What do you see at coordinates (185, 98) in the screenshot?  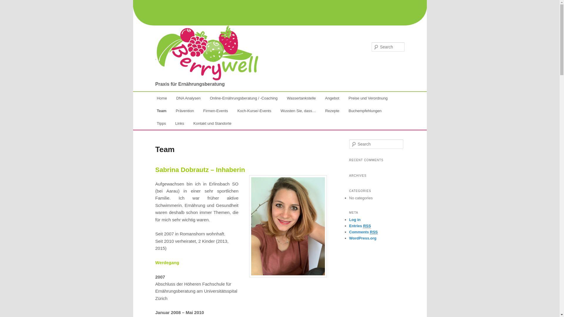 I see `'Skip to secondary content'` at bounding box center [185, 98].